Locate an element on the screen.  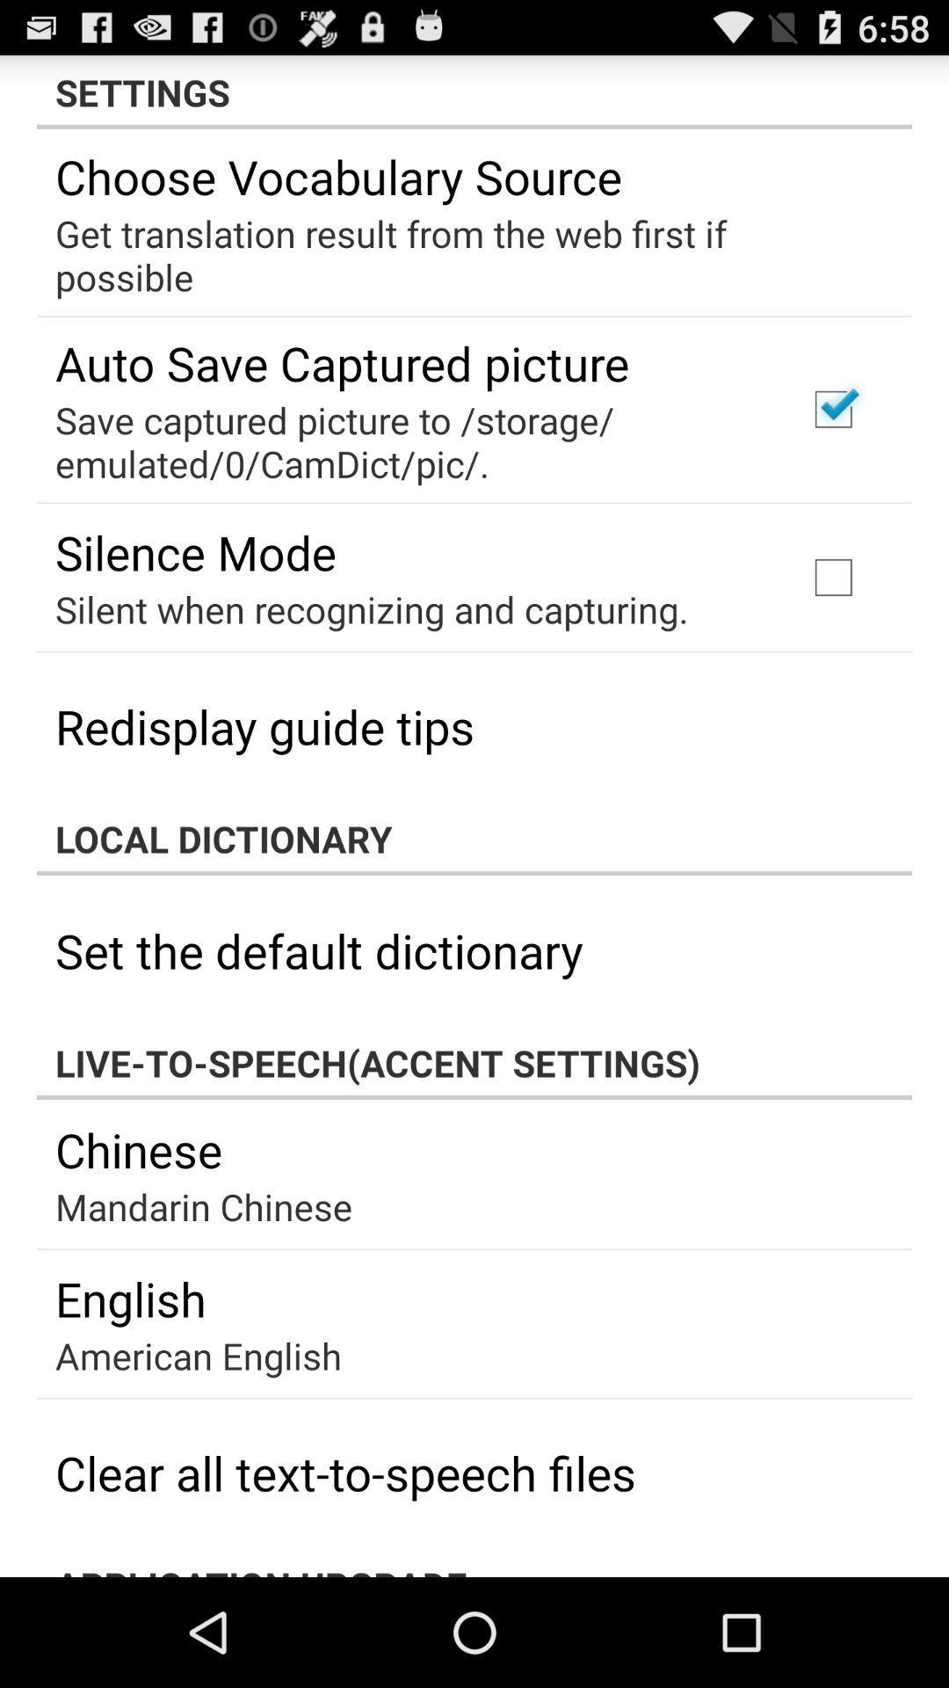
american english item is located at coordinates (198, 1354).